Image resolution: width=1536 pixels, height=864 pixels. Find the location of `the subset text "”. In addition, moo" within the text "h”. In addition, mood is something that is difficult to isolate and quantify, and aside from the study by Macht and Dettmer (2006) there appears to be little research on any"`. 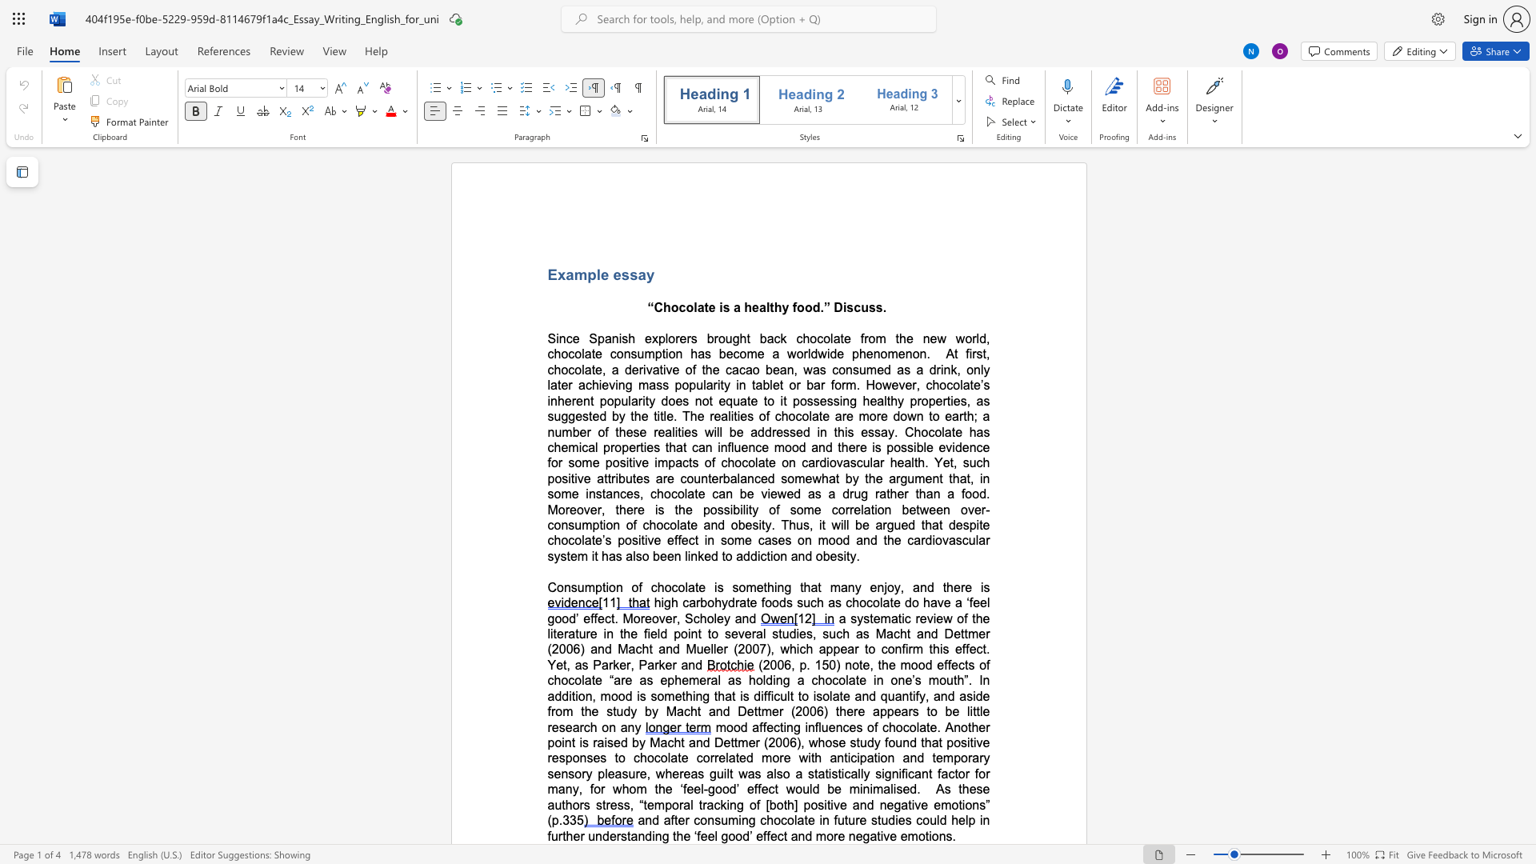

the subset text "”. In addition, moo" within the text "h”. In addition, mood is something that is difficult to isolate and quantify, and aside from the study by Macht and Dettmer (2006) there appears to be little research on any" is located at coordinates (963, 680).